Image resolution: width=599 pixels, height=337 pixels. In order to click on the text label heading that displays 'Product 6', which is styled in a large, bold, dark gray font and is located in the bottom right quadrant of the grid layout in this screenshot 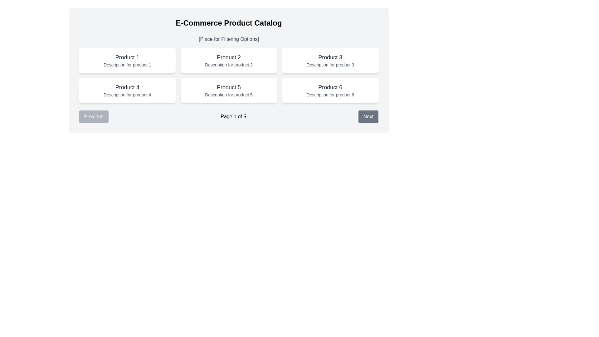, I will do `click(330, 87)`.